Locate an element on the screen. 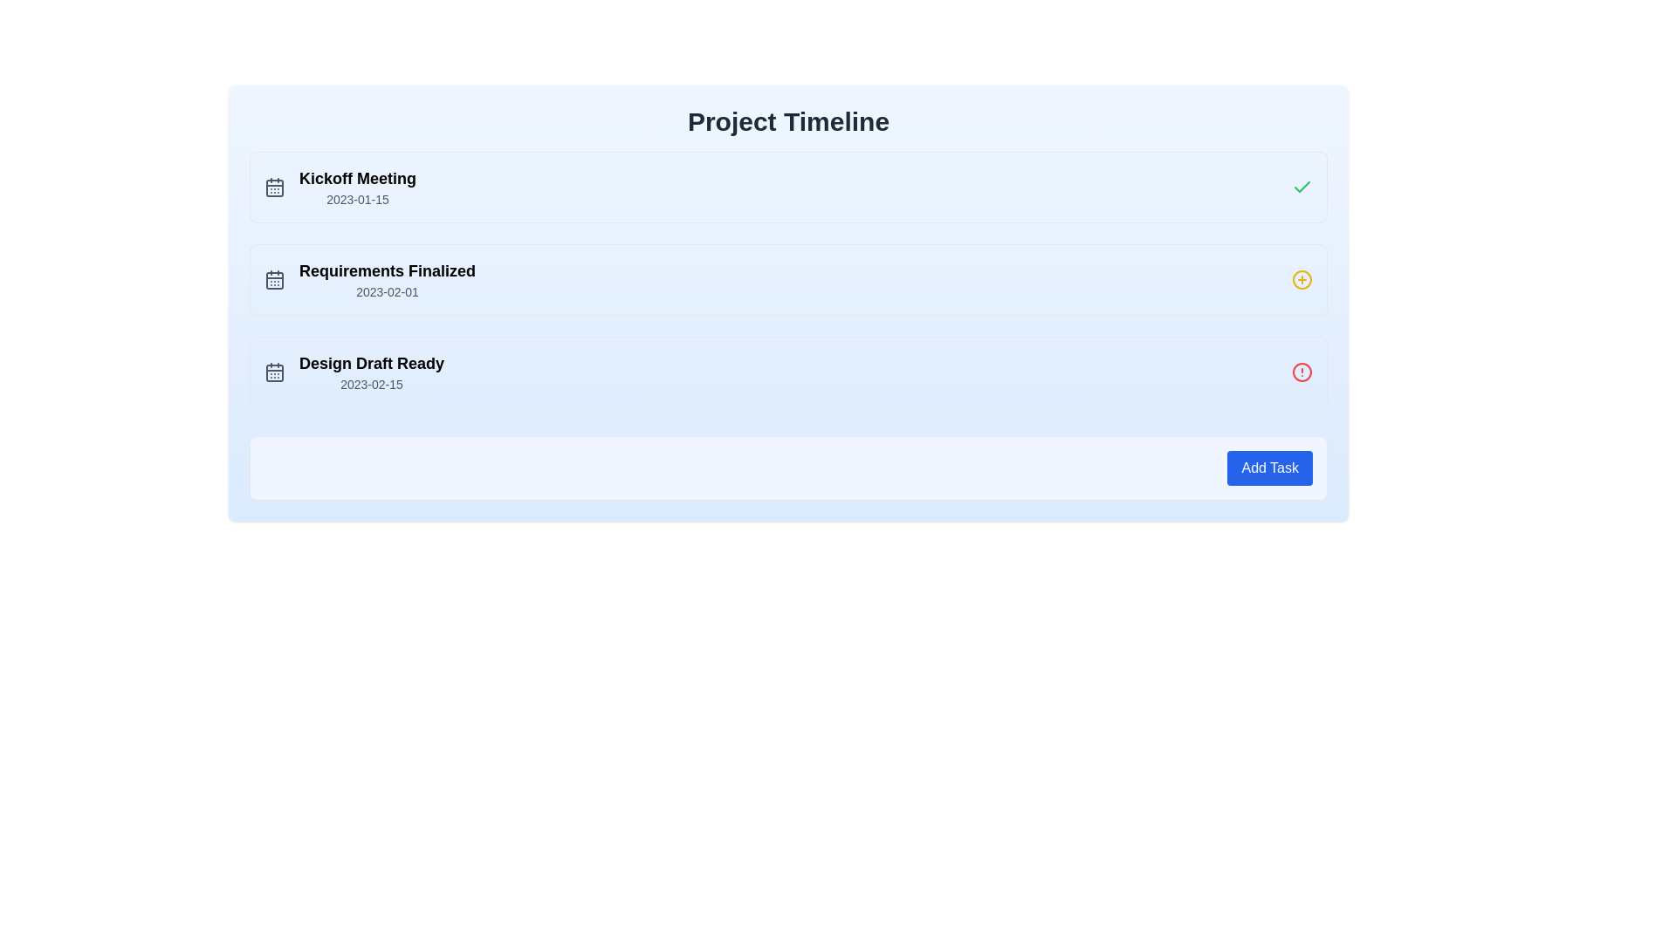 The height and width of the screenshot is (942, 1676). the 'Requirements Finalized' text display element, which is the second item in a vertical list of timeline events, if it is enabled is located at coordinates (387, 271).